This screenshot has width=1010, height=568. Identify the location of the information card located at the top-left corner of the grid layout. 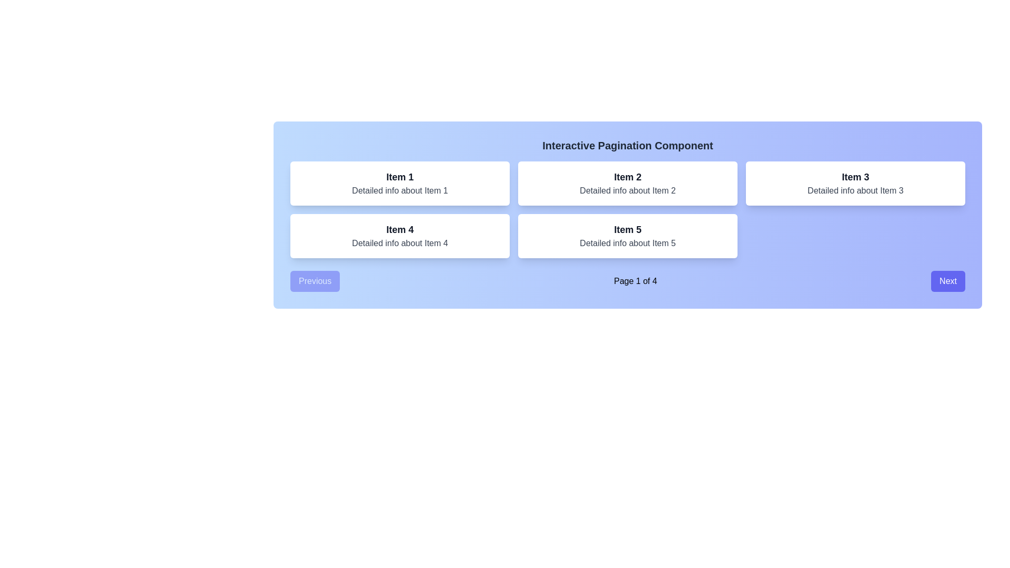
(399, 182).